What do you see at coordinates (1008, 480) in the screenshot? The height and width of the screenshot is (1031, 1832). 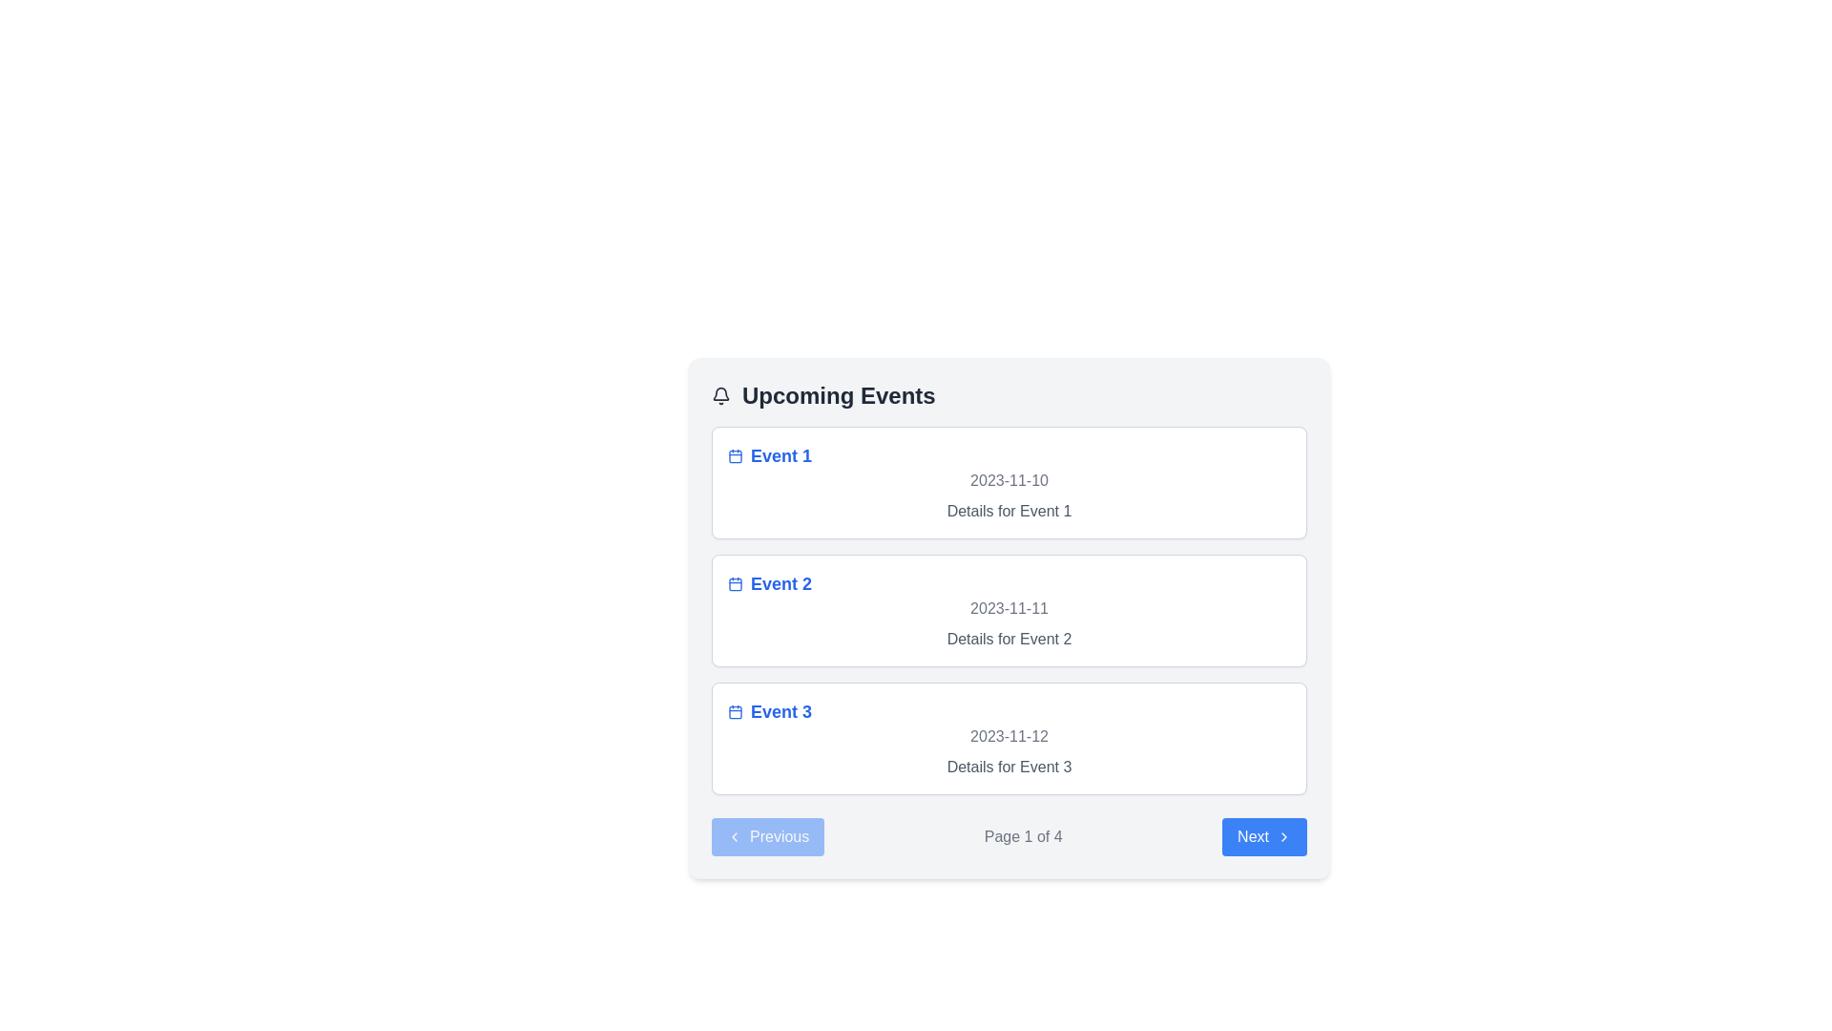 I see `the text label displaying the date '2023-11-10' located within the details section of the 'Event 1' card, positioned below the event title` at bounding box center [1008, 480].